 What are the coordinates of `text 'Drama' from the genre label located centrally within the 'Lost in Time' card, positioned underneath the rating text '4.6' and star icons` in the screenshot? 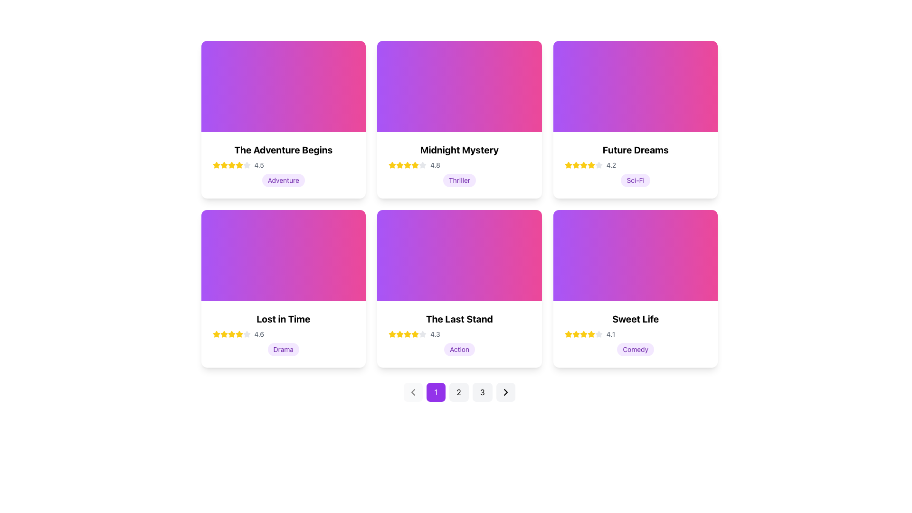 It's located at (283, 350).